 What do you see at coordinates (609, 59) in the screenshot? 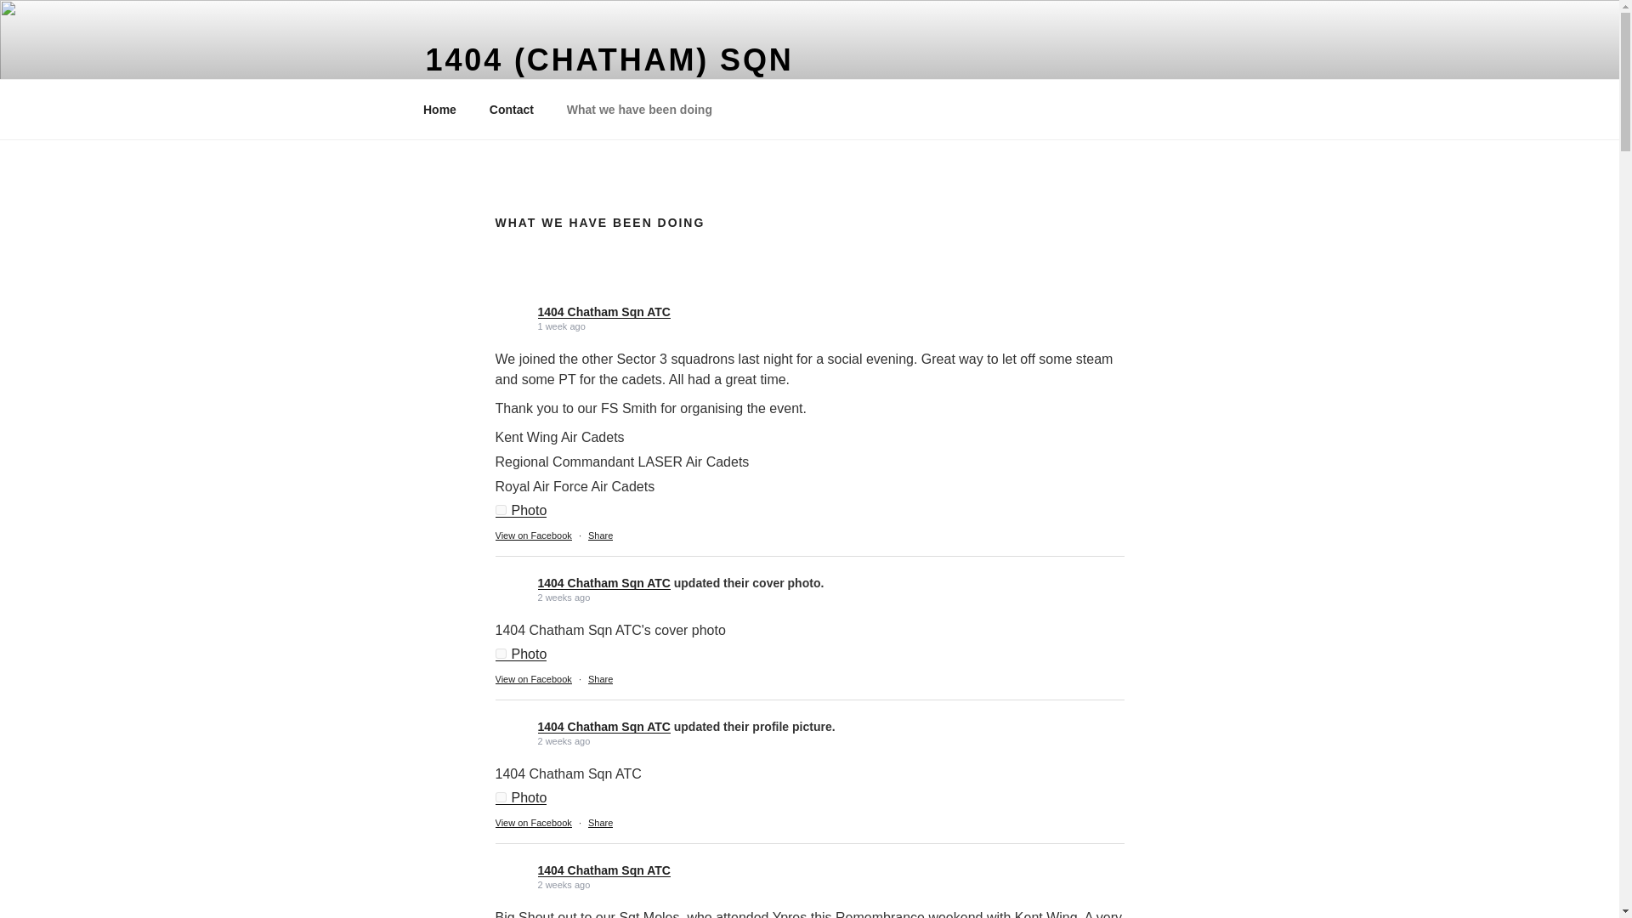
I see `'1404 (CHATHAM) SQN'` at bounding box center [609, 59].